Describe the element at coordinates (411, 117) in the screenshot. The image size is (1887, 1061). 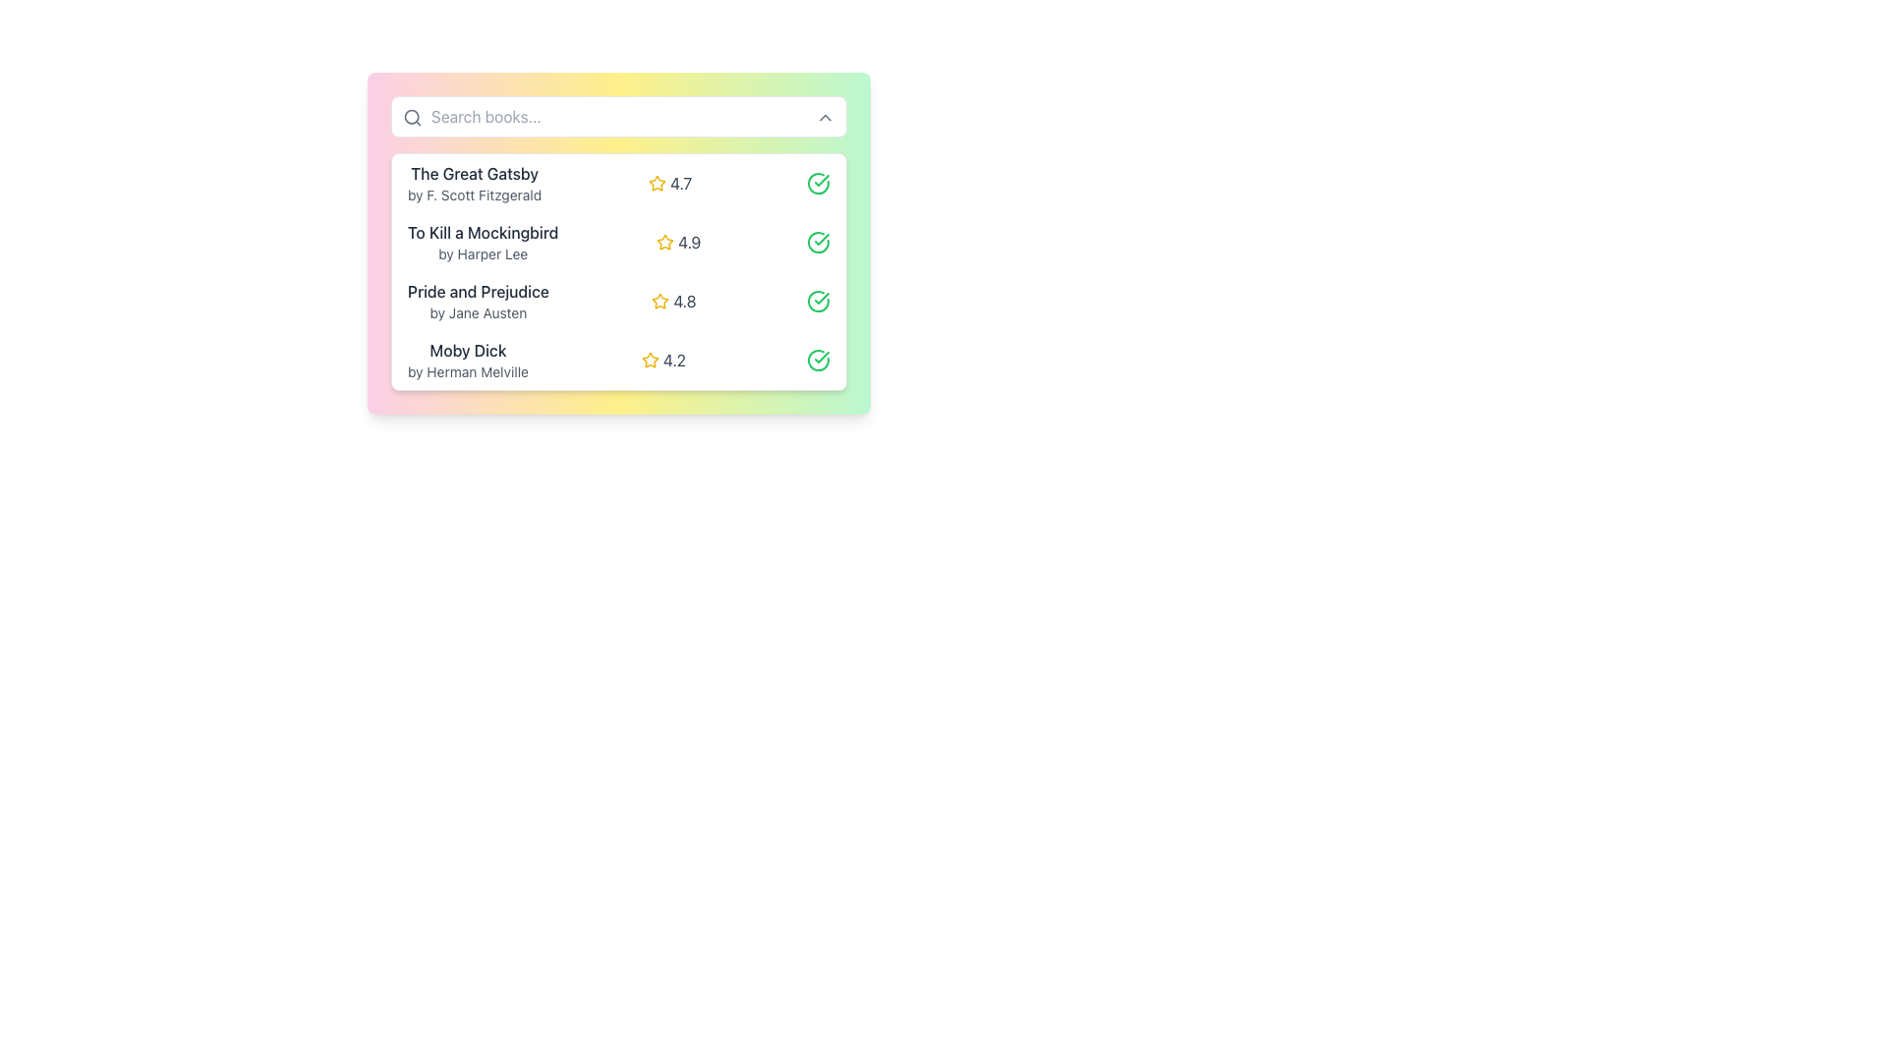
I see `the circular part of the search icon located at the top left of the interface in the search bar` at that location.